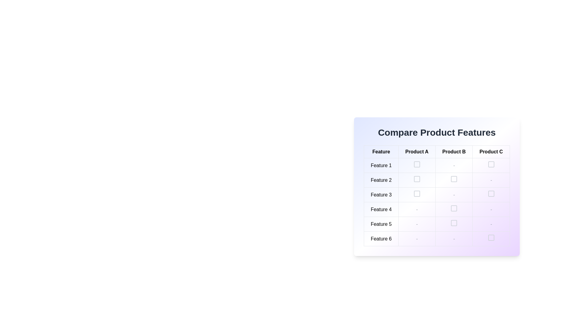 The image size is (587, 330). What do you see at coordinates (491, 164) in the screenshot?
I see `the checkbox for 'Feature 1' under the 'Product C' category` at bounding box center [491, 164].